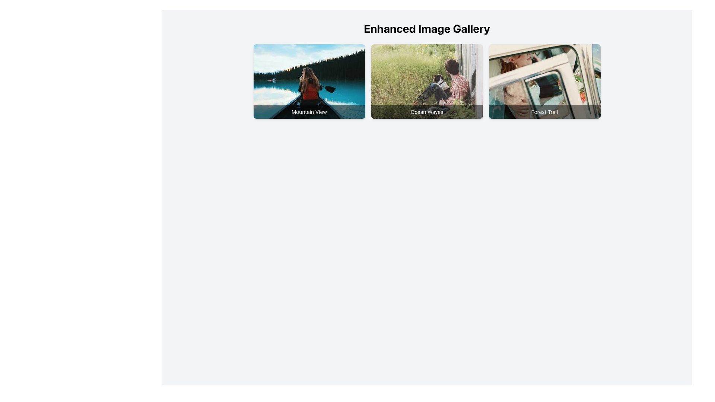 This screenshot has height=402, width=715. Describe the element at coordinates (544, 82) in the screenshot. I see `the Image card with overlay text that depicts a forest trail, featuring the caption 'Forest Trail' at the bottom` at that location.